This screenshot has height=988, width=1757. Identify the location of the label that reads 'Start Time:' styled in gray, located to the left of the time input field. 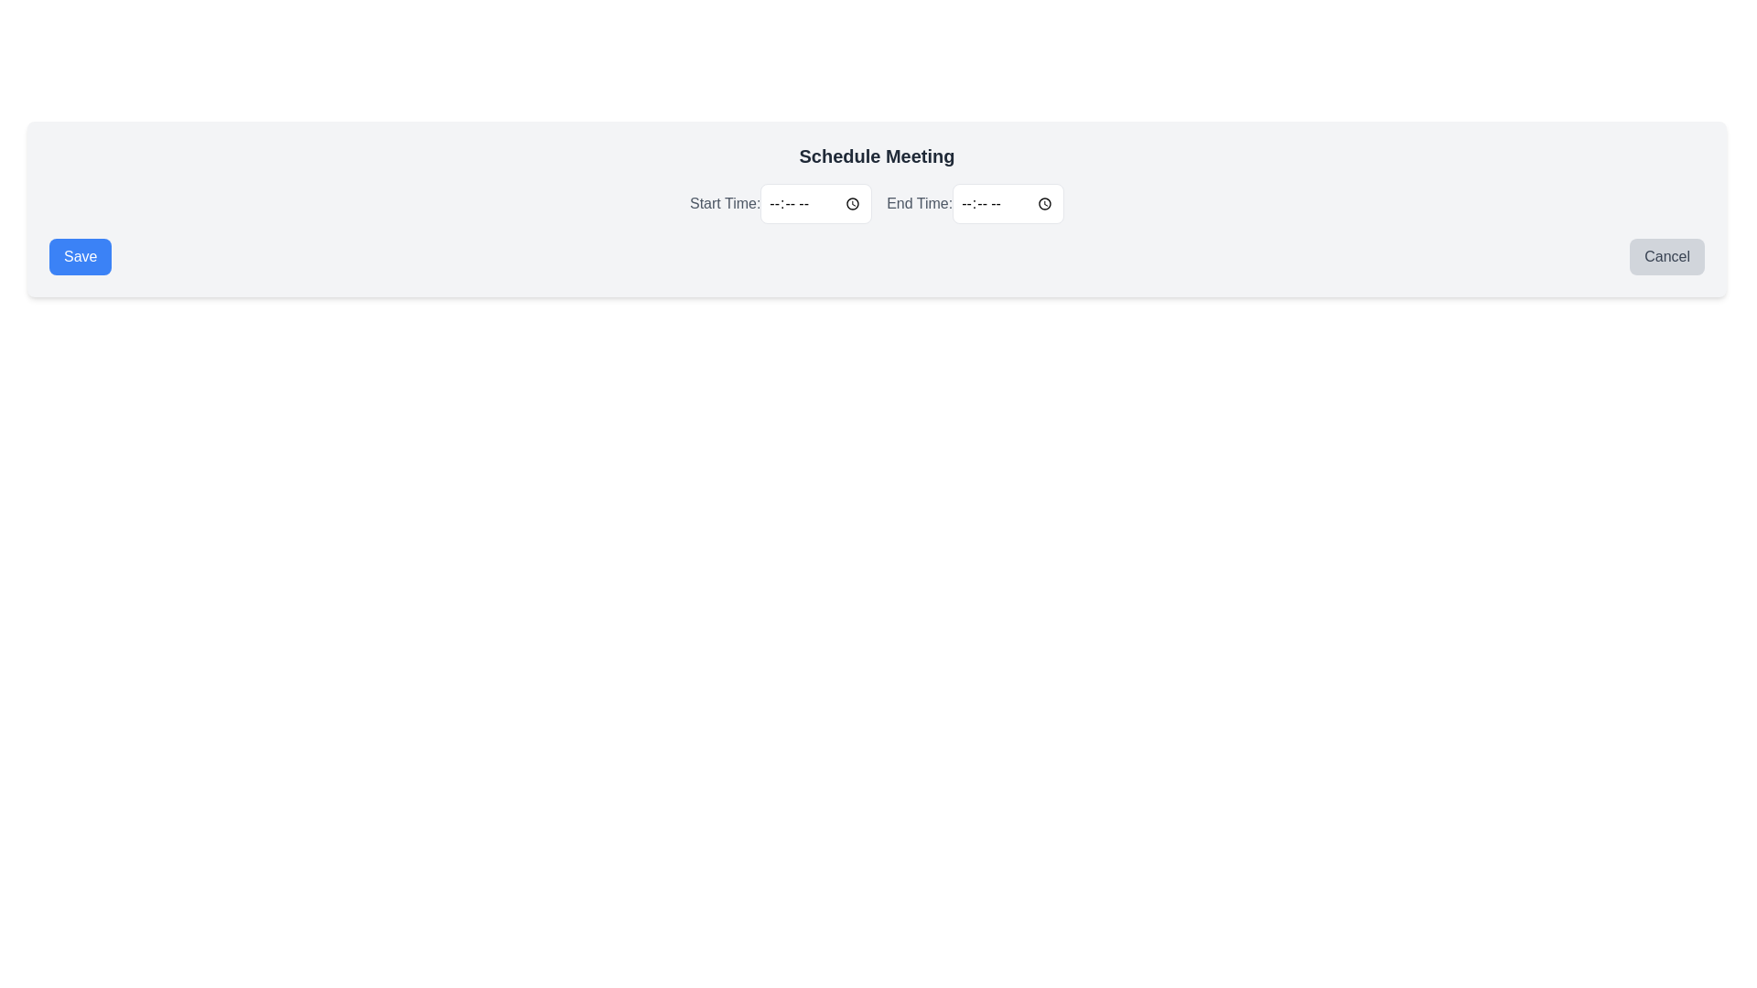
(724, 203).